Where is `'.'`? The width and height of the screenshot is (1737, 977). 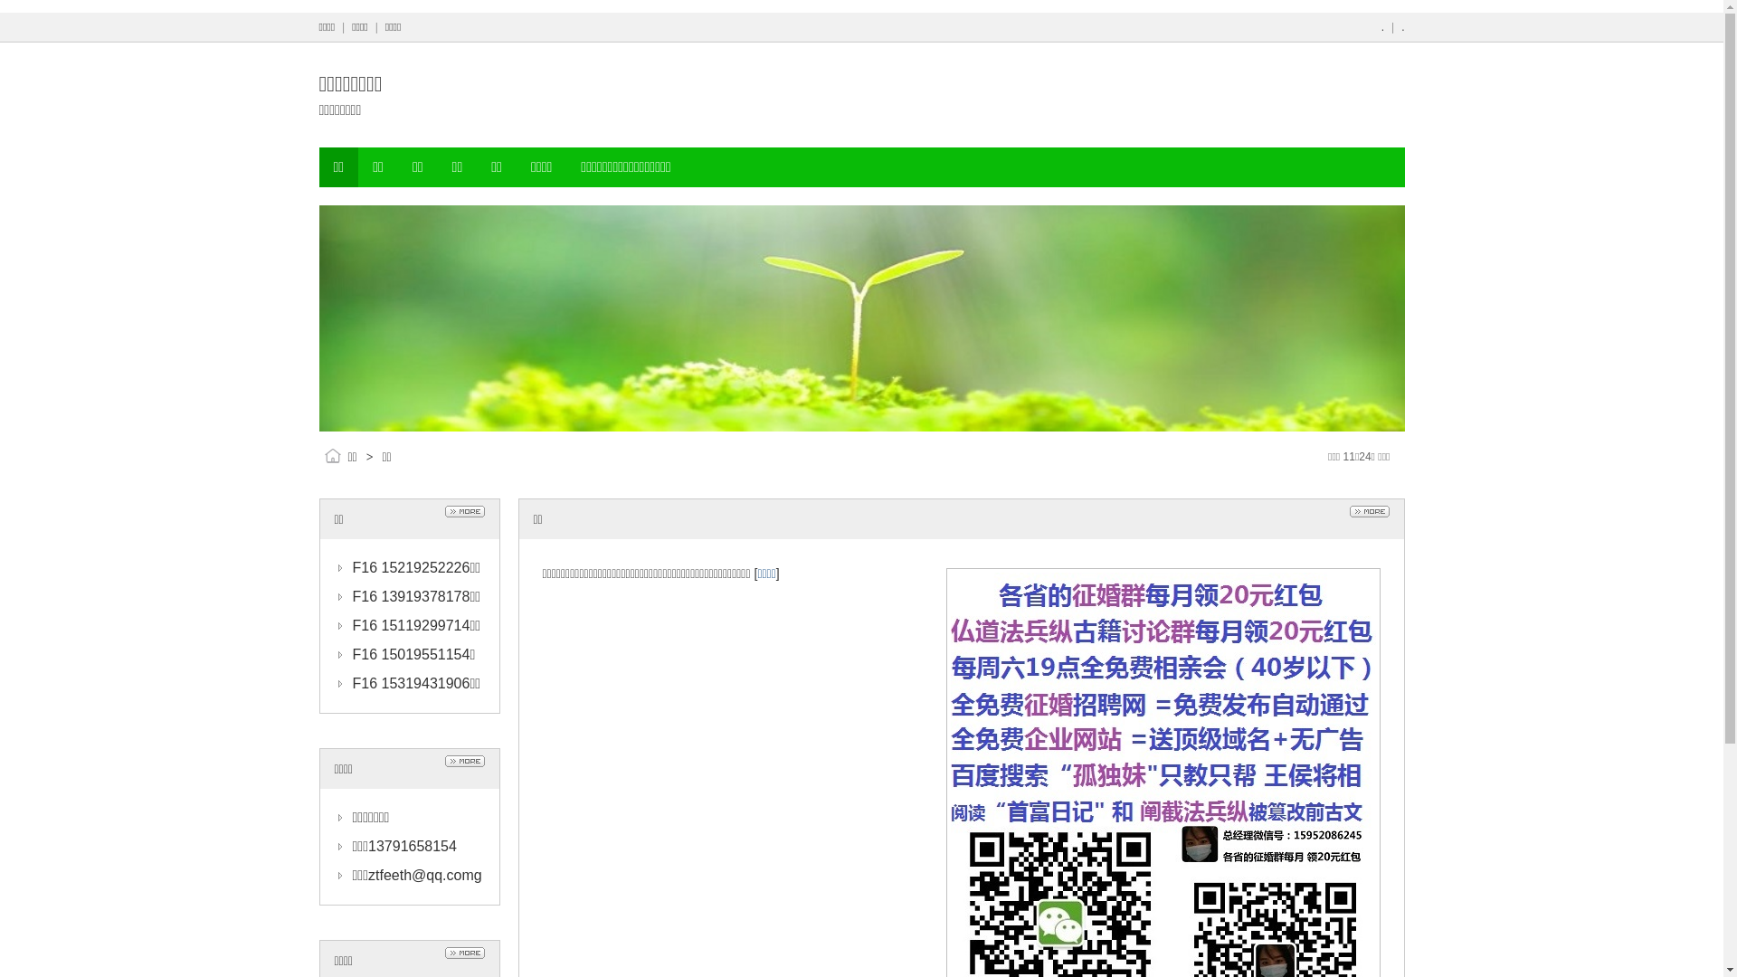 '.' is located at coordinates (1381, 27).